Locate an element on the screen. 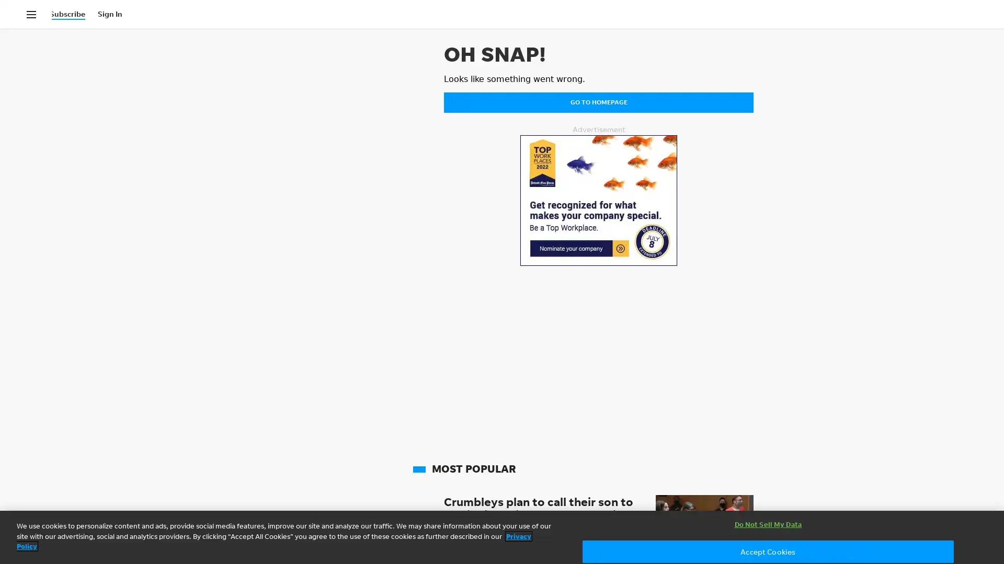 The height and width of the screenshot is (564, 1004). Accept Cookies is located at coordinates (768, 551).